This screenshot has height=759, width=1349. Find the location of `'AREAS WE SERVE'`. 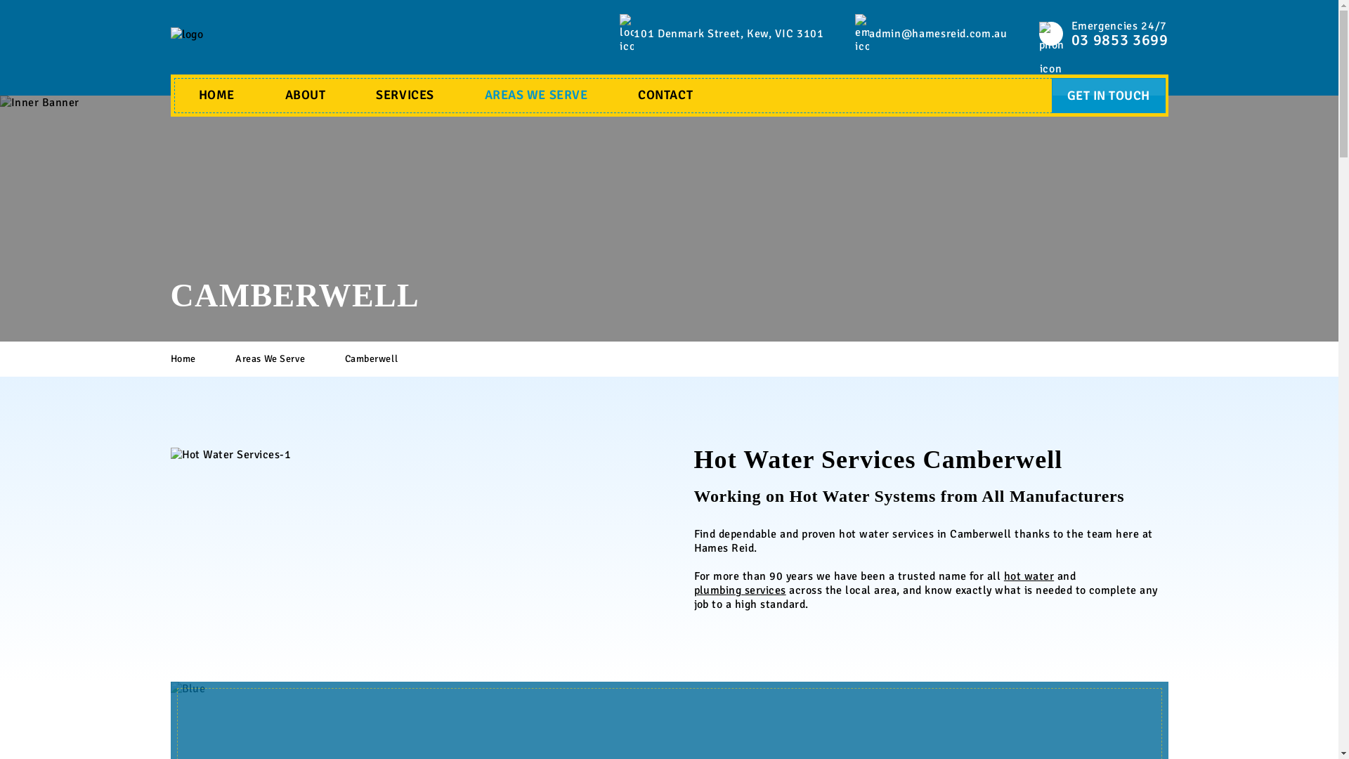

'AREAS WE SERVE' is located at coordinates (535, 95).